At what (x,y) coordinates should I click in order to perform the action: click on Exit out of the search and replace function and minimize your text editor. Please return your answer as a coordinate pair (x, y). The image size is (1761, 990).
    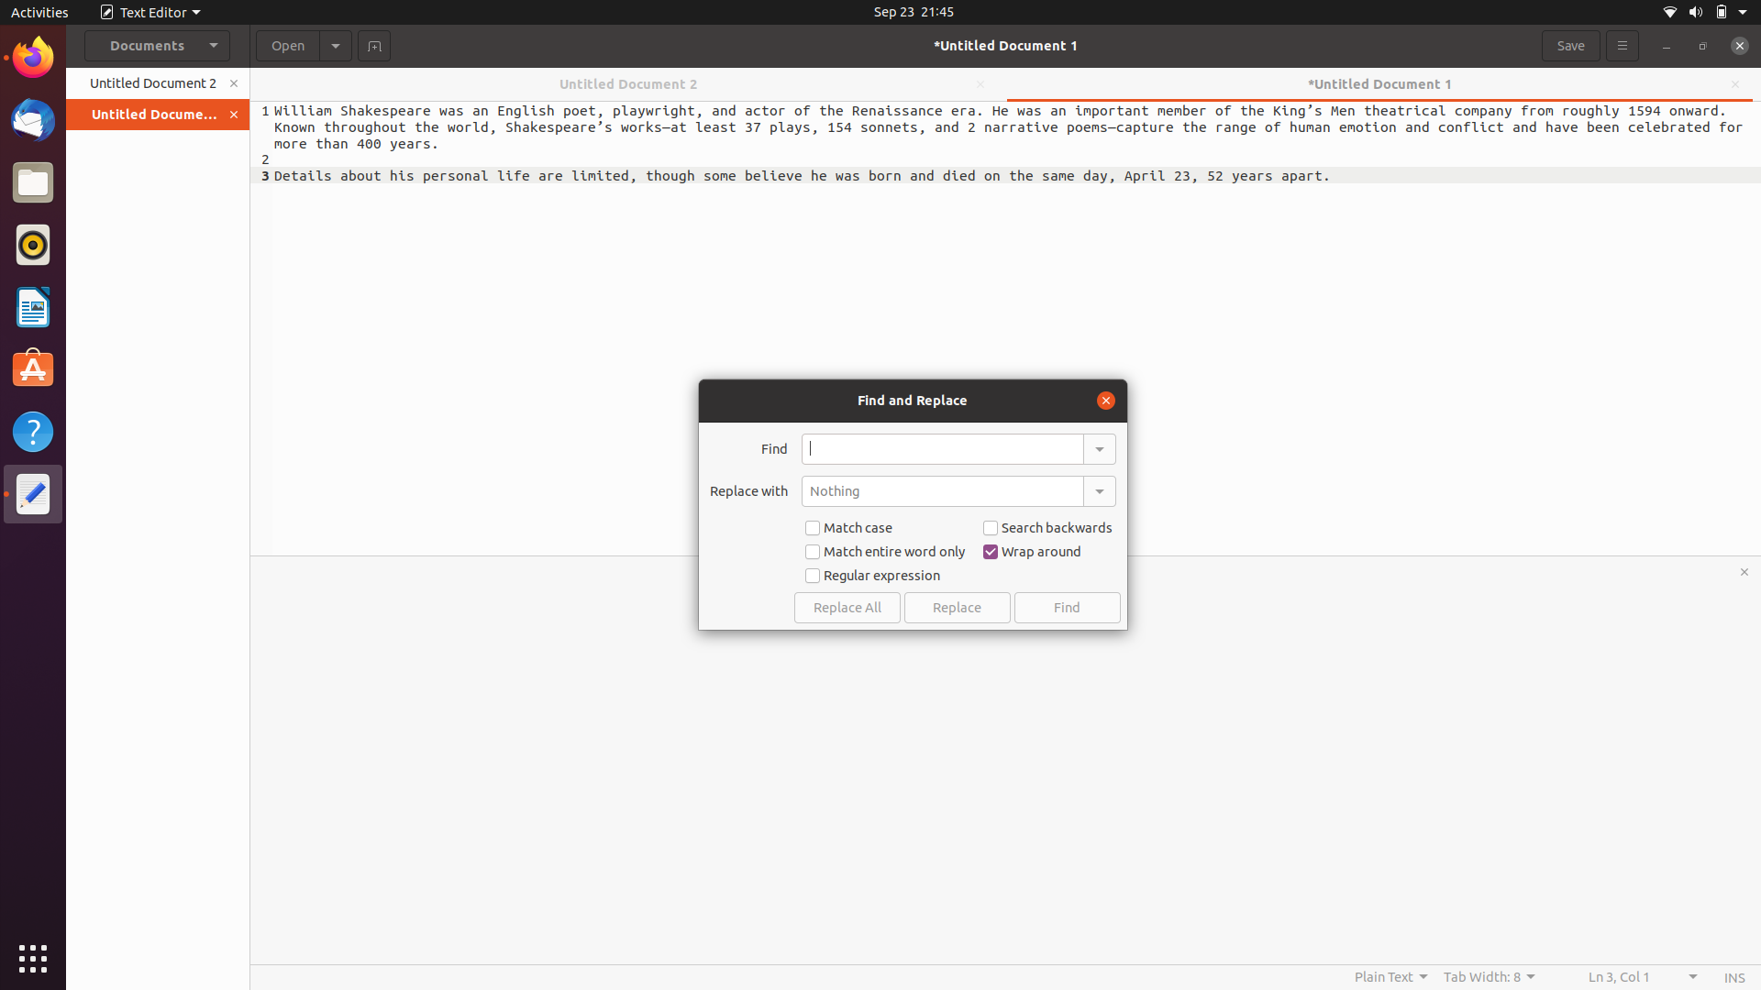
    Looking at the image, I should click on (1103, 398).